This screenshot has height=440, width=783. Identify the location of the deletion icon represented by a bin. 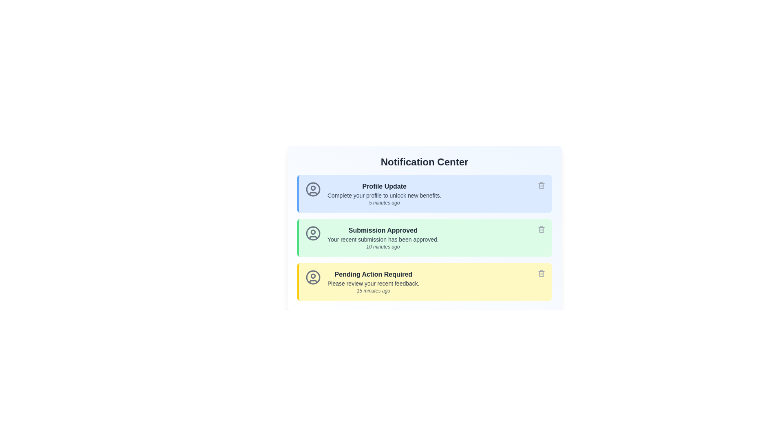
(542, 230).